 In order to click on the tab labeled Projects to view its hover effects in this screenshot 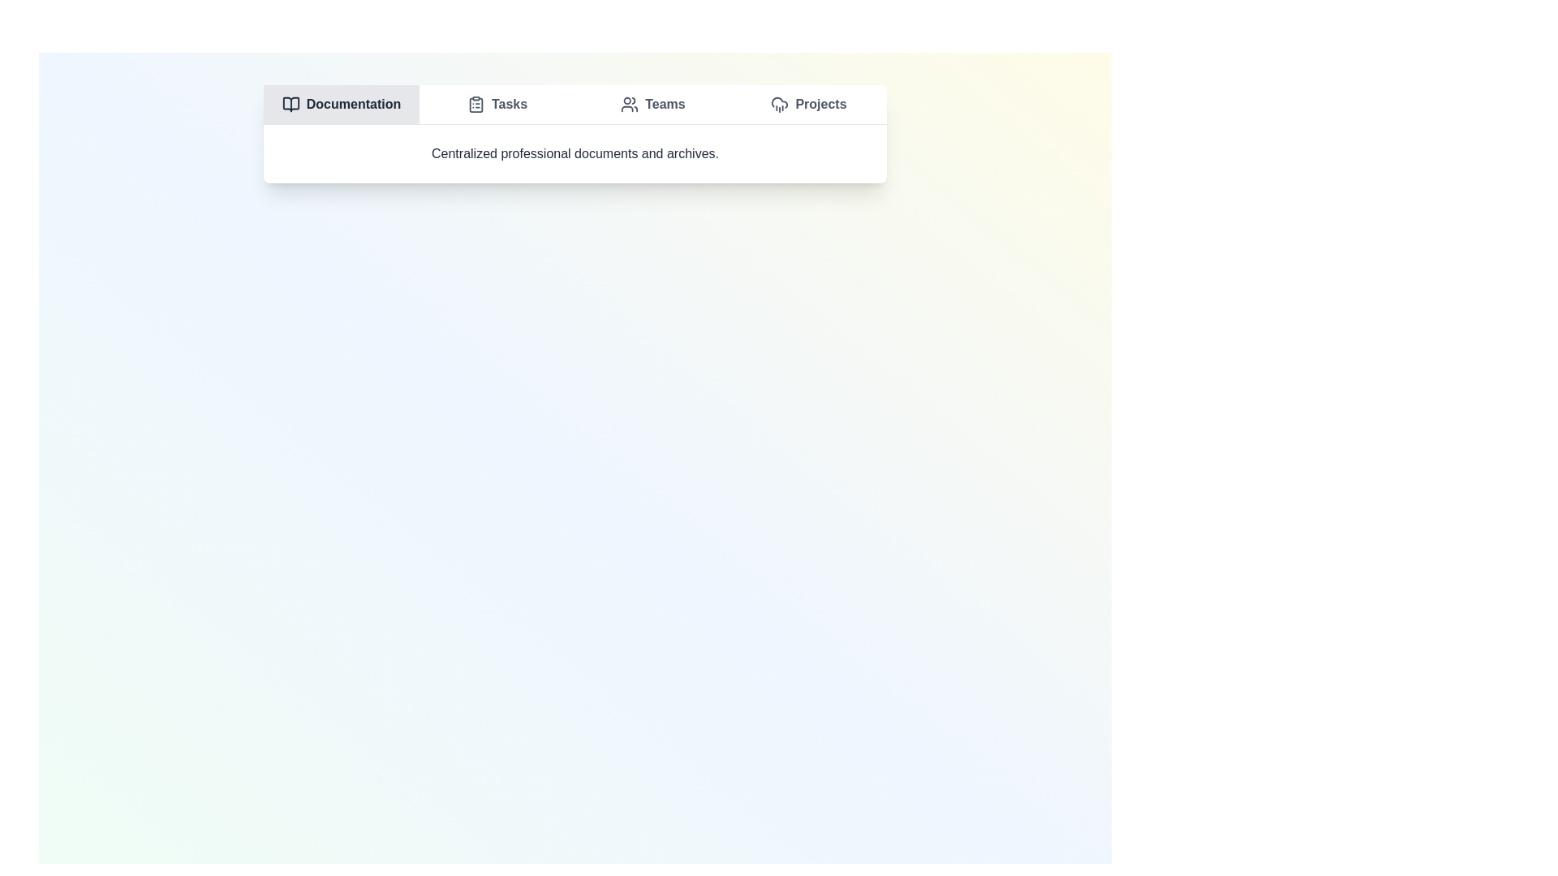, I will do `click(809, 104)`.